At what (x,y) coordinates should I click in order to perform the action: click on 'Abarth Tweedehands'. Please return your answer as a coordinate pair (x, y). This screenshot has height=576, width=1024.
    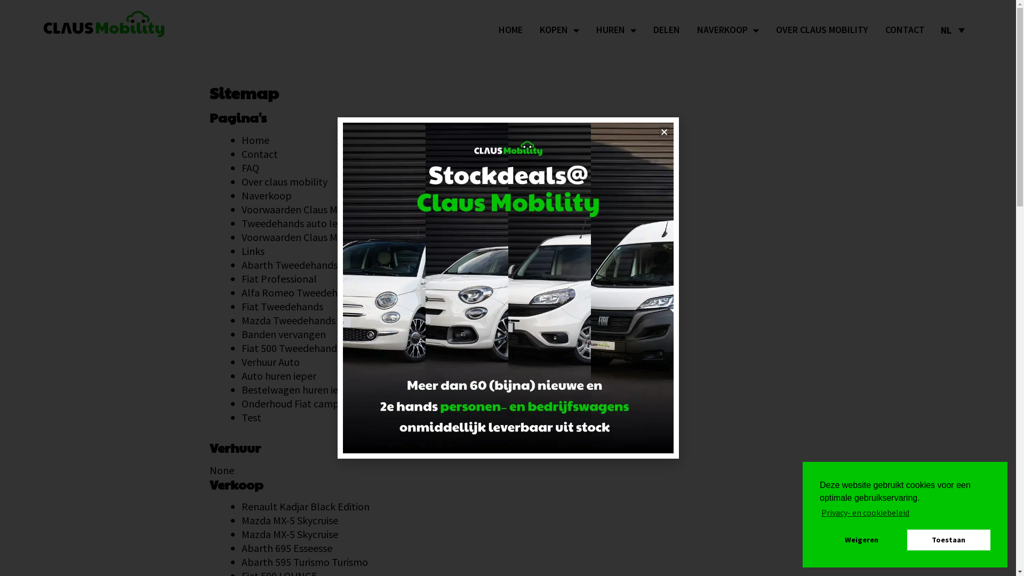
    Looking at the image, I should click on (289, 264).